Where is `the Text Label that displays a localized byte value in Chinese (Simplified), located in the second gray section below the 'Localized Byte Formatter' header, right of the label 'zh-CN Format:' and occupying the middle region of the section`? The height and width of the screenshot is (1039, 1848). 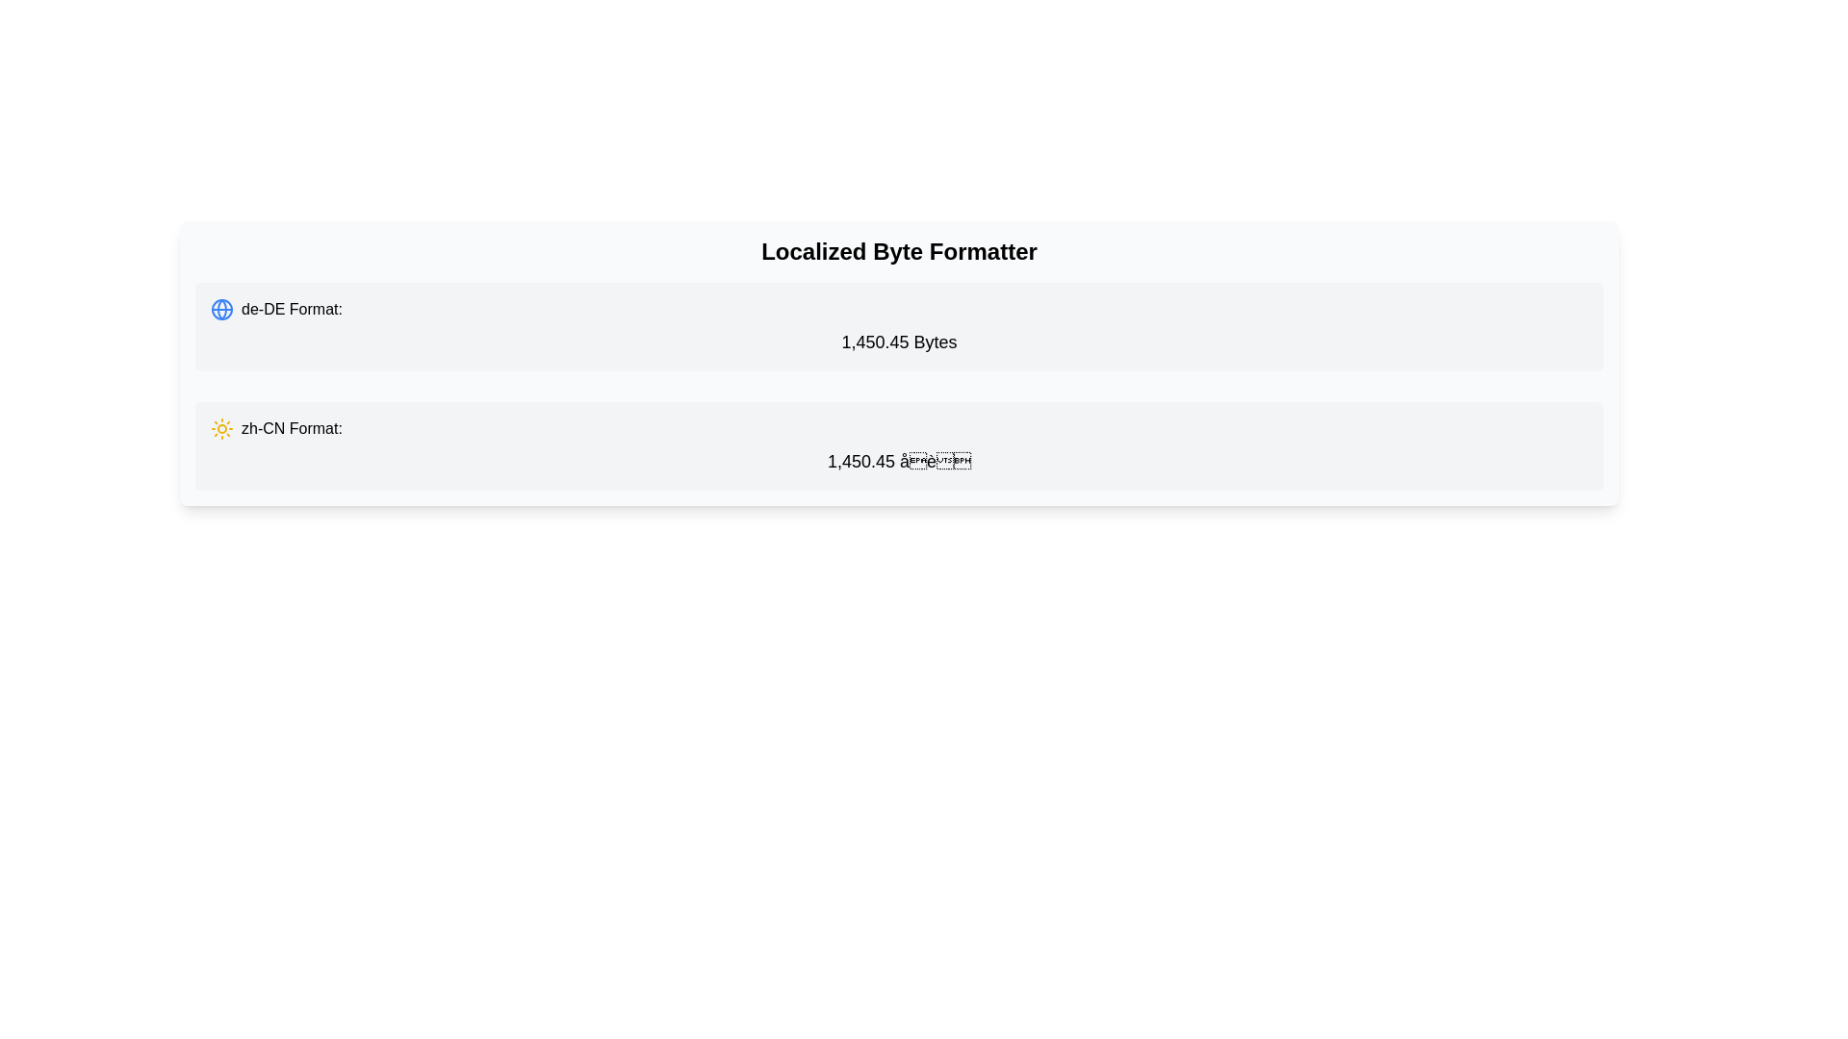
the Text Label that displays a localized byte value in Chinese (Simplified), located in the second gray section below the 'Localized Byte Formatter' header, right of the label 'zh-CN Format:' and occupying the middle region of the section is located at coordinates (898, 461).